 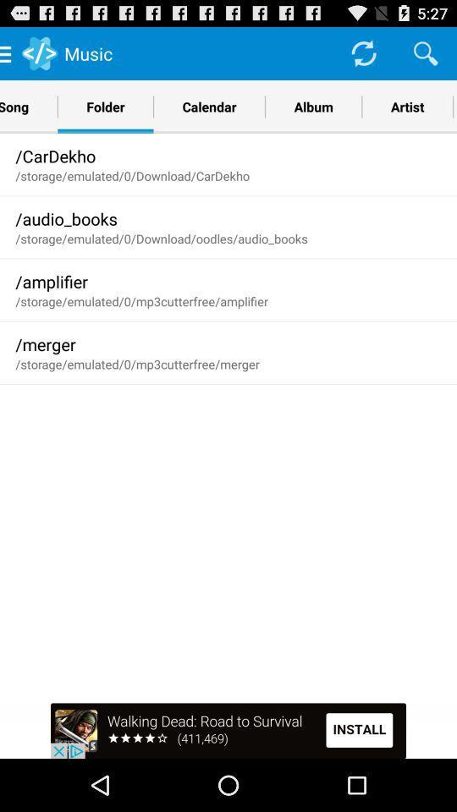 What do you see at coordinates (228, 730) in the screenshot?
I see `install the app` at bounding box center [228, 730].